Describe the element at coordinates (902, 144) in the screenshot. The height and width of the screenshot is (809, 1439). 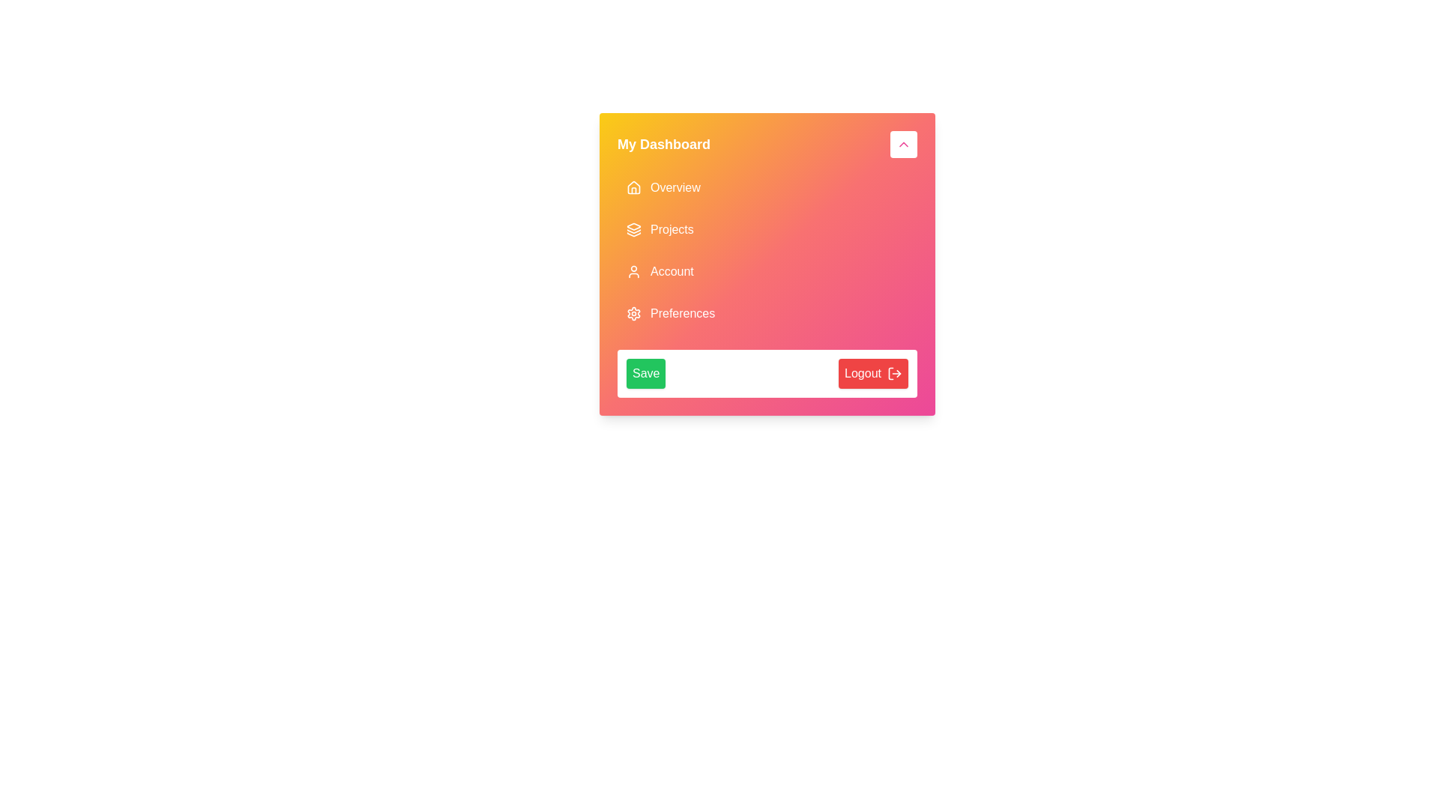
I see `the upward-pointing chevron icon located at the upper right corner of the interface` at that location.